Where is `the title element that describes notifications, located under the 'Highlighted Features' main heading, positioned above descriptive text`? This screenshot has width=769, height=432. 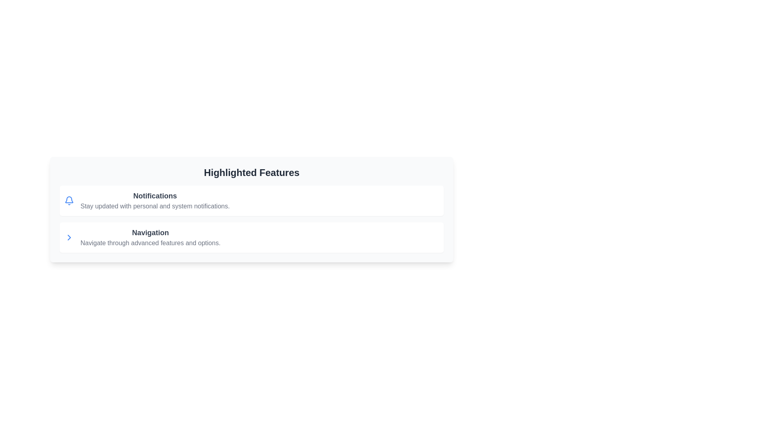
the title element that describes notifications, located under the 'Highlighted Features' main heading, positioned above descriptive text is located at coordinates (155, 196).